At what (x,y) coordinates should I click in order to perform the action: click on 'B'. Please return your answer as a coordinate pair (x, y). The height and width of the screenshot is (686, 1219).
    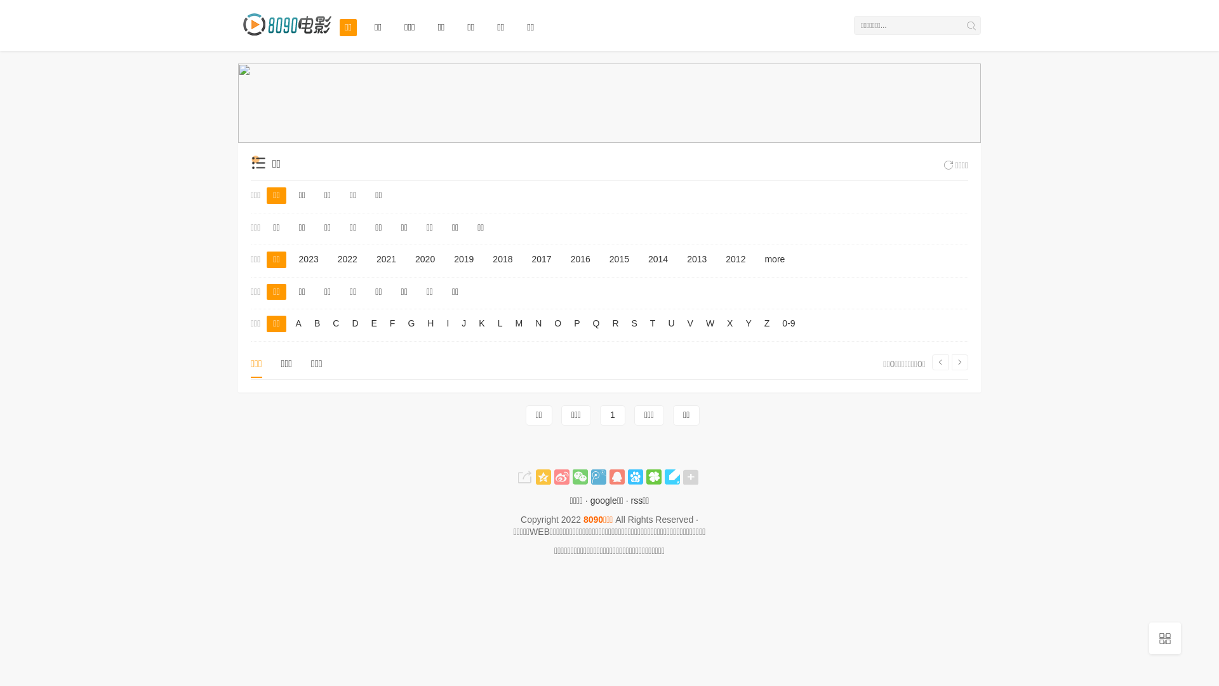
    Looking at the image, I should click on (317, 323).